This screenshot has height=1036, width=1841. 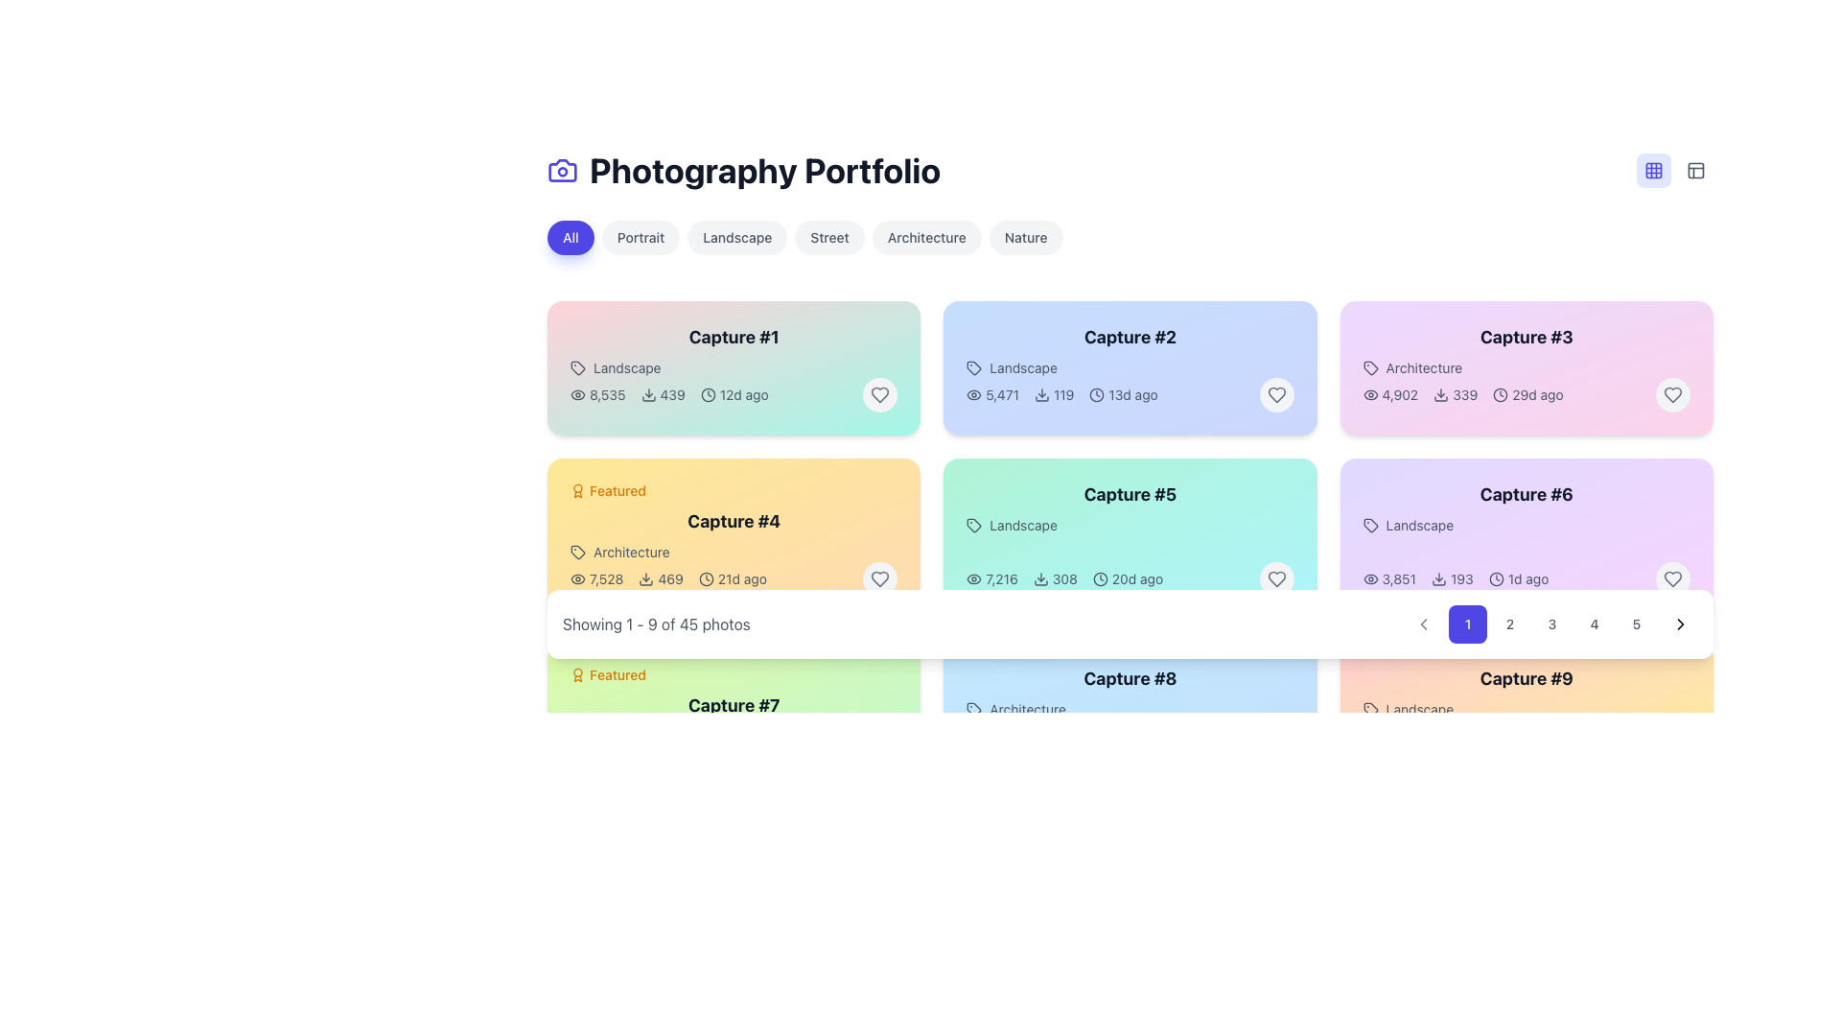 I want to click on the circular button with a heart icon located in the top-right corner of the card labeled 'Capture #1', so click(x=879, y=394).